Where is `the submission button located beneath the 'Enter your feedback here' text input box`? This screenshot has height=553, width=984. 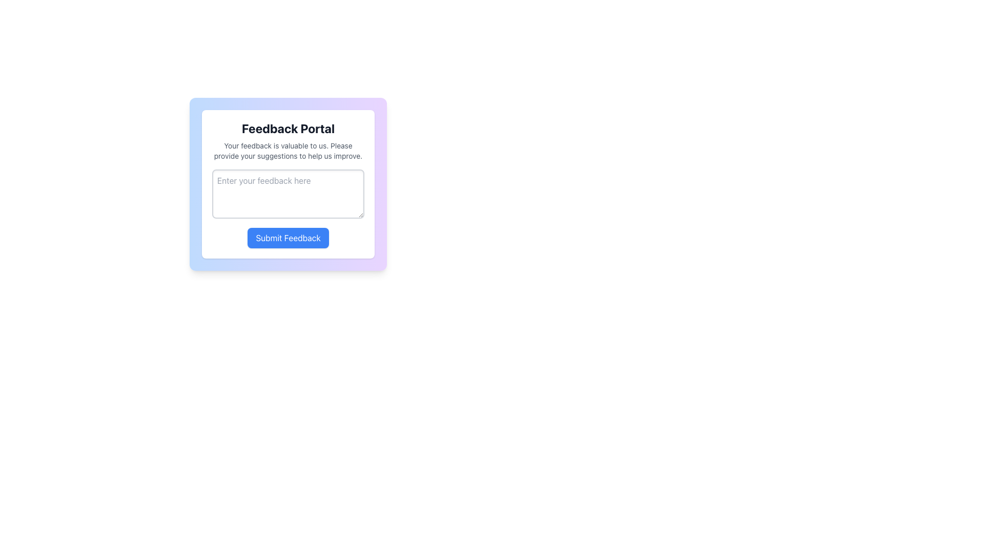
the submission button located beneath the 'Enter your feedback here' text input box is located at coordinates (288, 238).